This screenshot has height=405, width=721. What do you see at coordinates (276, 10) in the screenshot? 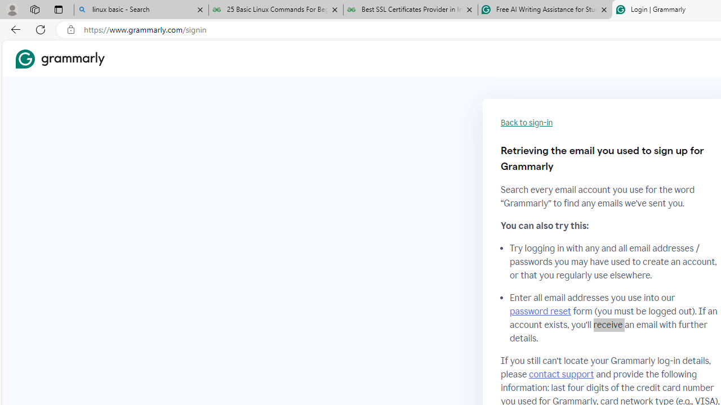
I see `'25 Basic Linux Commands For Beginners - GeeksforGeeks'` at bounding box center [276, 10].